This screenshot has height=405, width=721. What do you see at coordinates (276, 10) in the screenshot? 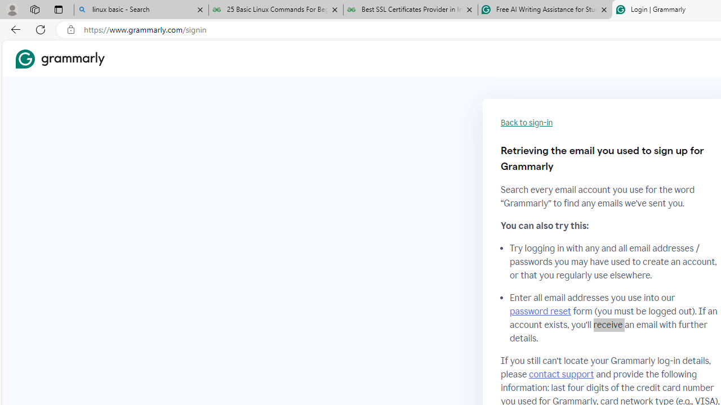
I see `'25 Basic Linux Commands For Beginners - GeeksforGeeks'` at bounding box center [276, 10].